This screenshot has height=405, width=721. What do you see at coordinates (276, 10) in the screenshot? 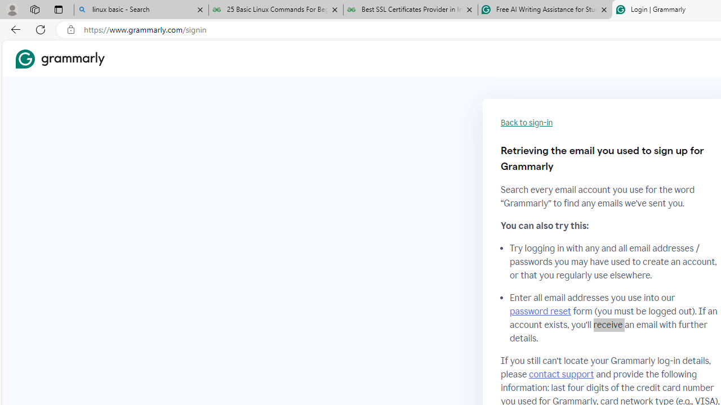
I see `'25 Basic Linux Commands For Beginners - GeeksforGeeks'` at bounding box center [276, 10].